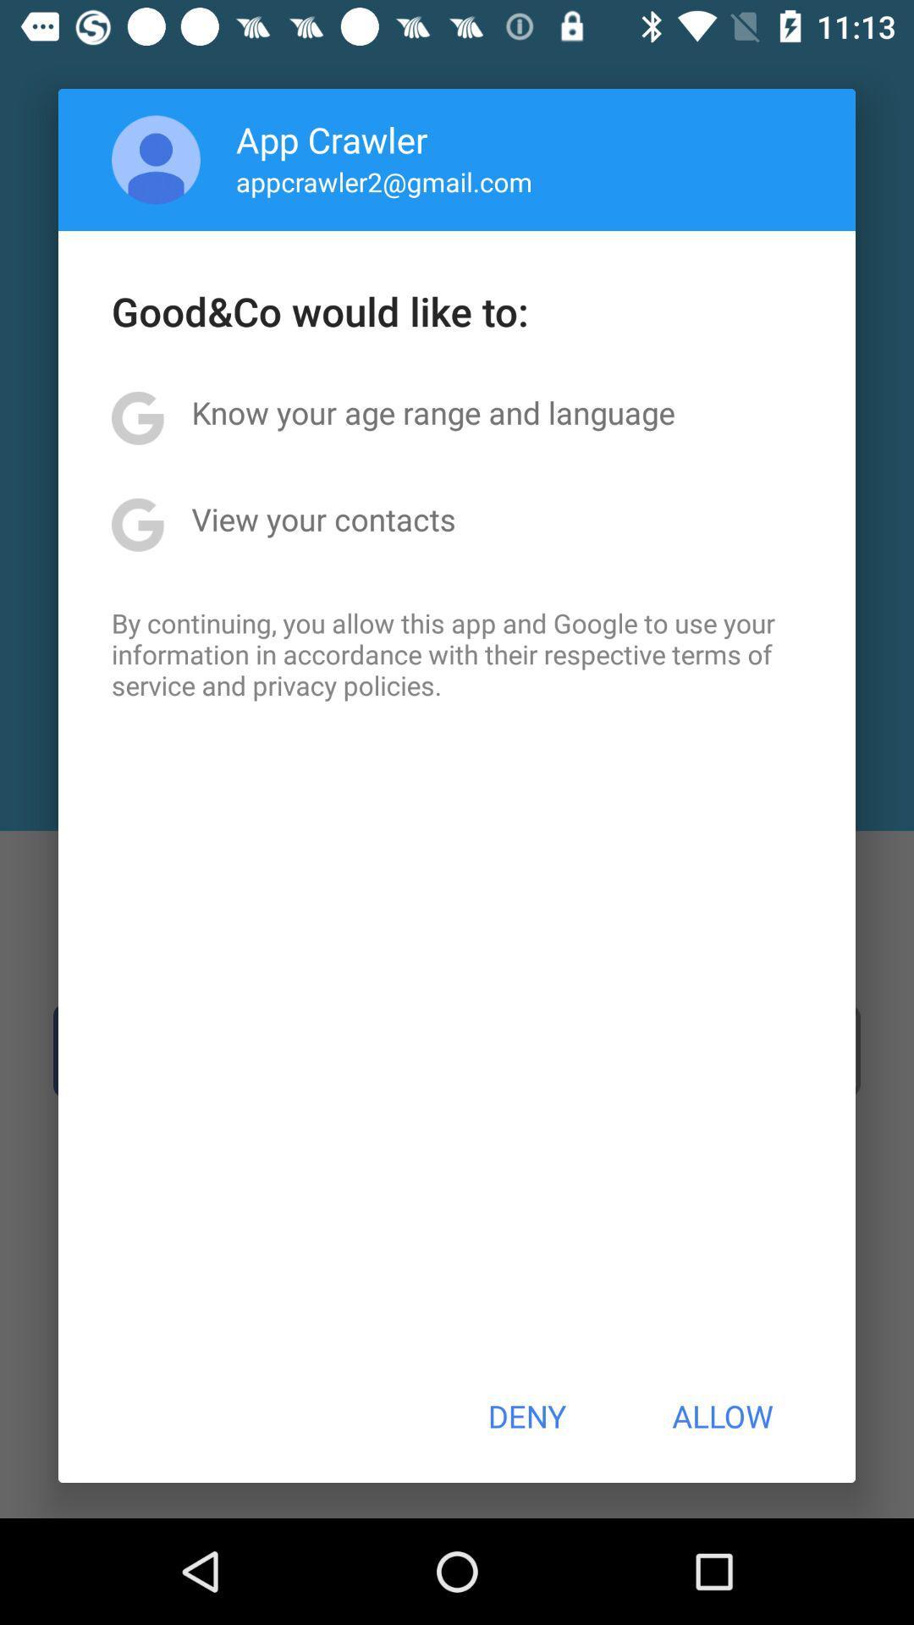 This screenshot has height=1625, width=914. I want to click on the view your contacts app, so click(323, 518).